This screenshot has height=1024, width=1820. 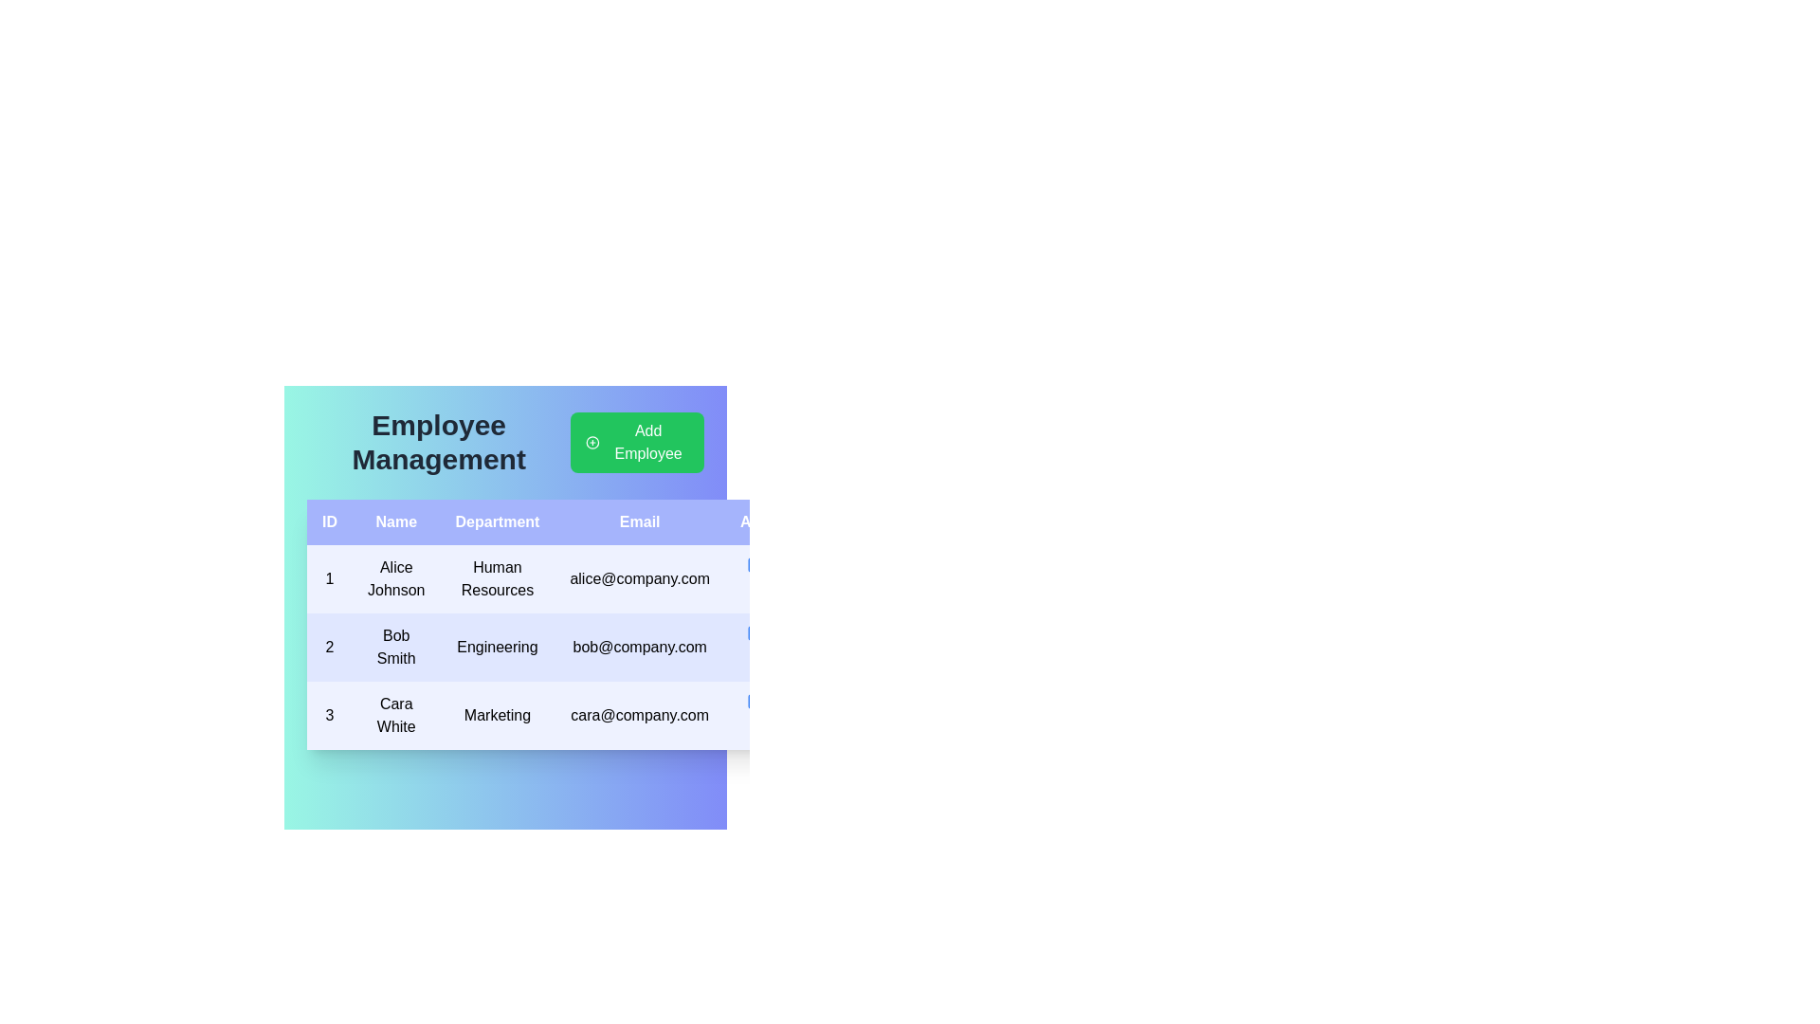 What do you see at coordinates (497, 522) in the screenshot?
I see `the 'Department' text label in the table header` at bounding box center [497, 522].